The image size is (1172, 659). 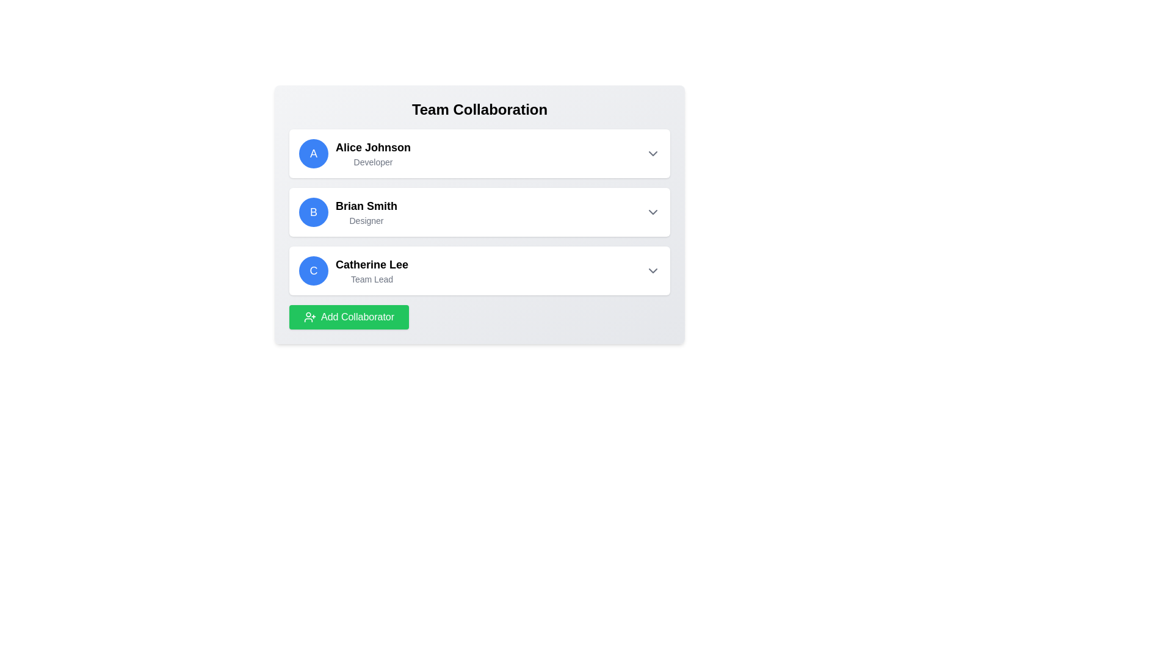 What do you see at coordinates (313, 270) in the screenshot?
I see `the circular blue avatar icon with a white uppercase 'C' centered within it, located to the left of 'Catherine Lee' in the 'Team Collaboration' card` at bounding box center [313, 270].